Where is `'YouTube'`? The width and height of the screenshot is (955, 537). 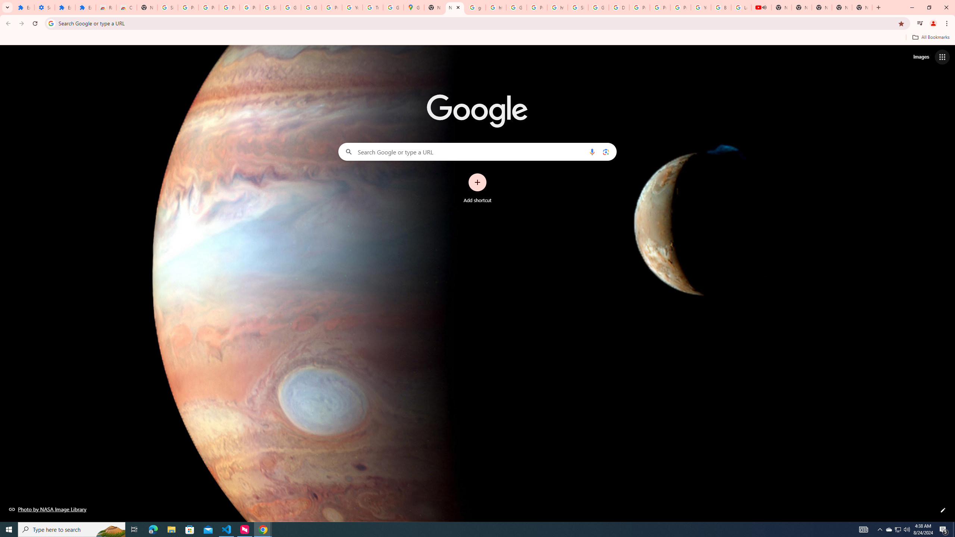 'YouTube' is located at coordinates (701, 7).